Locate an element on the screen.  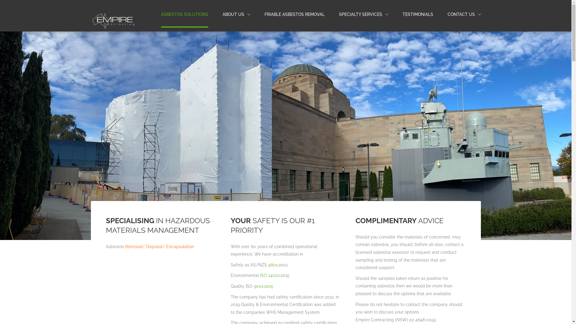
'ABOUT US' is located at coordinates (236, 14).